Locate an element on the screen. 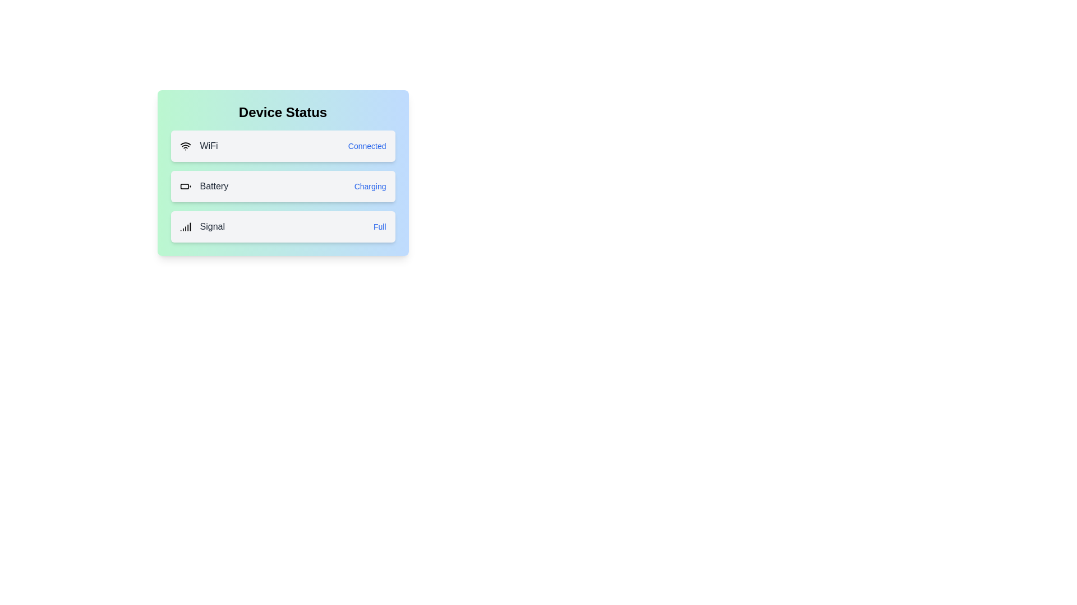 The height and width of the screenshot is (605, 1077). the status of WiFi to inspect its details is located at coordinates (283, 146).